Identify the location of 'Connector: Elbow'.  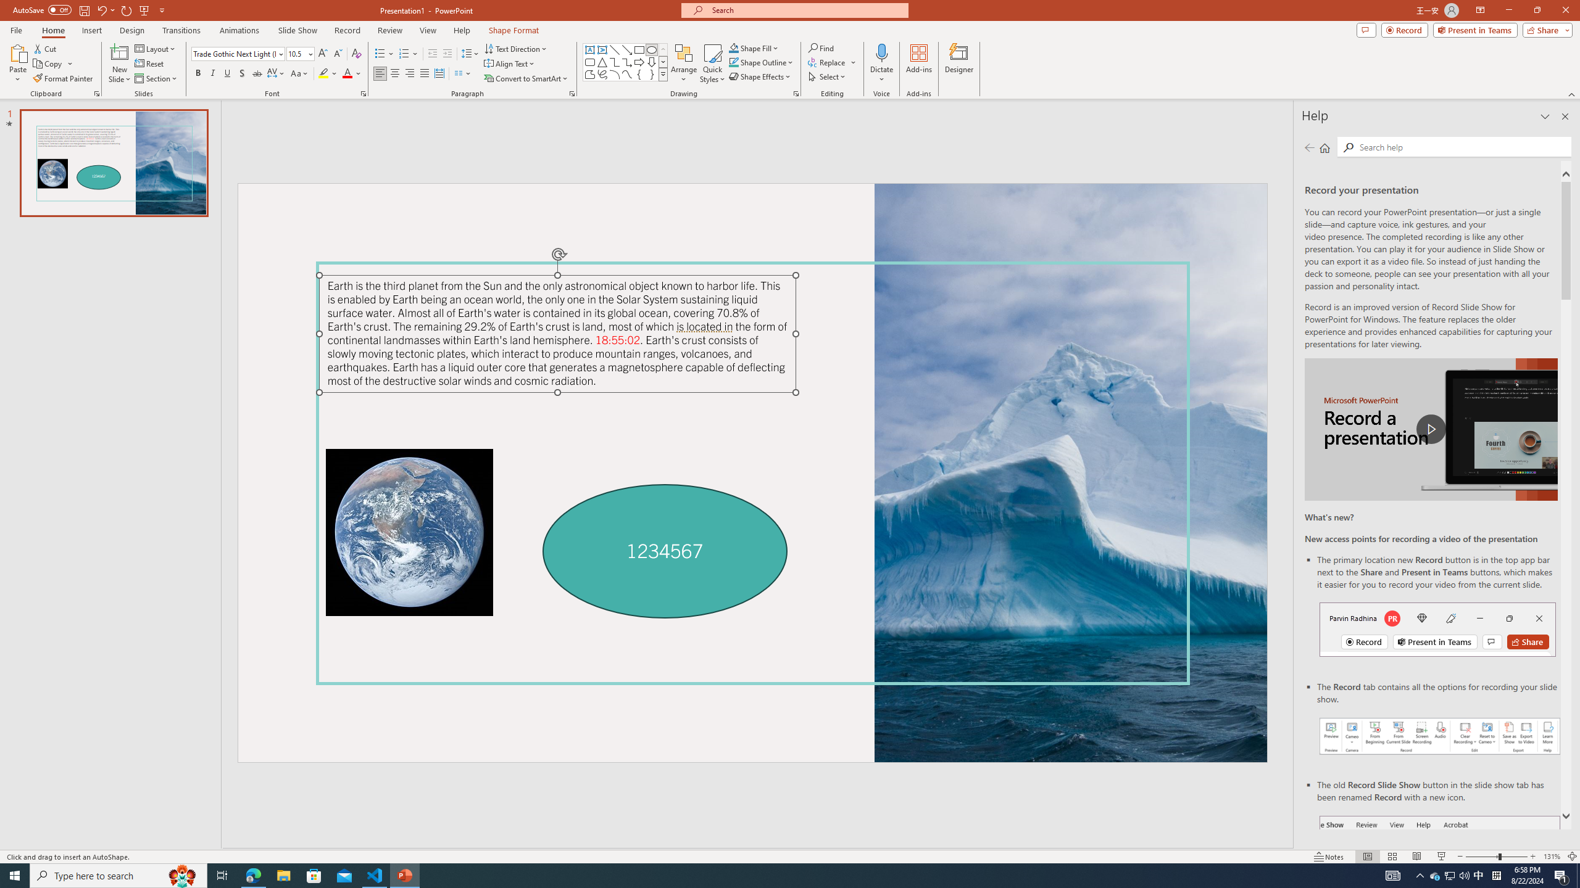
(613, 61).